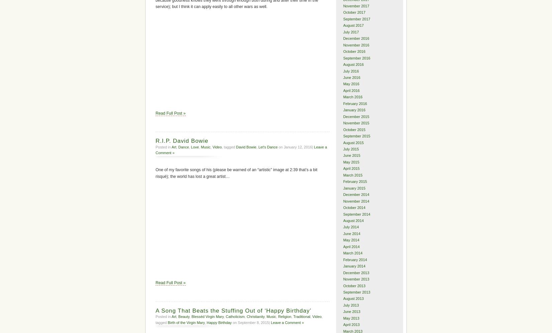 This screenshot has height=333, width=552. I want to click on 'July 2014', so click(351, 227).